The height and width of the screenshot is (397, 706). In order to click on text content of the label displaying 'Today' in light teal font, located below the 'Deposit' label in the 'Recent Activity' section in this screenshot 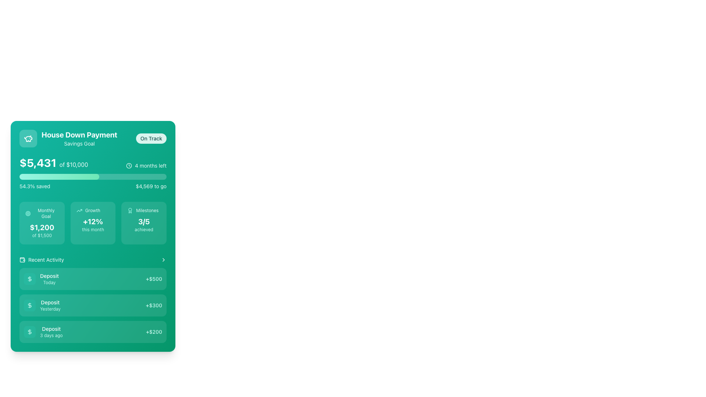, I will do `click(49, 282)`.